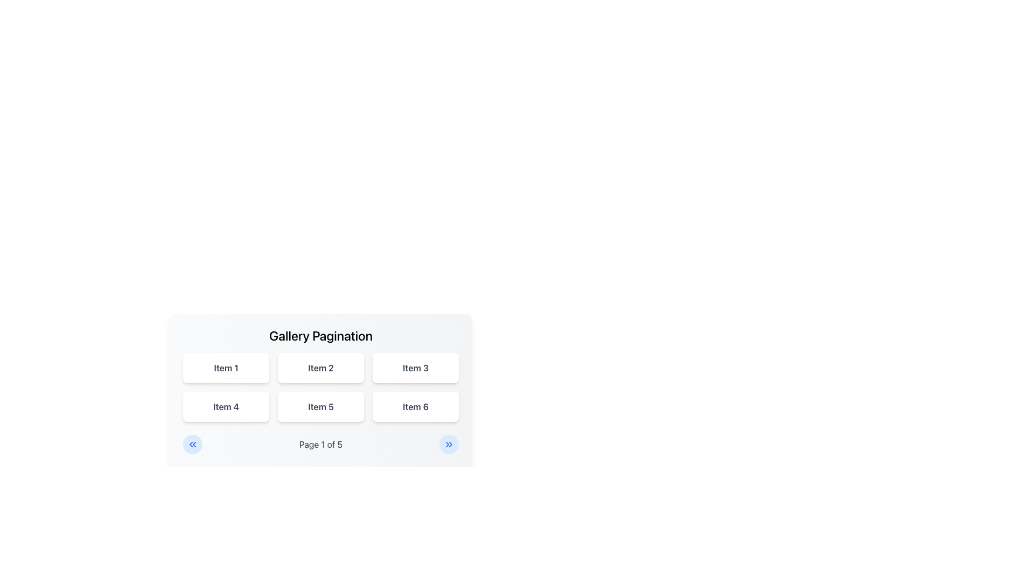 This screenshot has width=1034, height=582. Describe the element at coordinates (415, 407) in the screenshot. I see `the rectangular button labeled 'Item 6' with a white background and dark gray text, located in the second row, third column of the grid` at that location.